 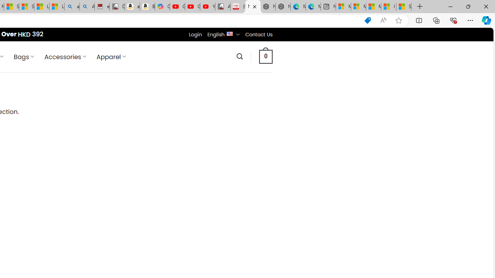 What do you see at coordinates (195, 34) in the screenshot?
I see `'Login'` at bounding box center [195, 34].